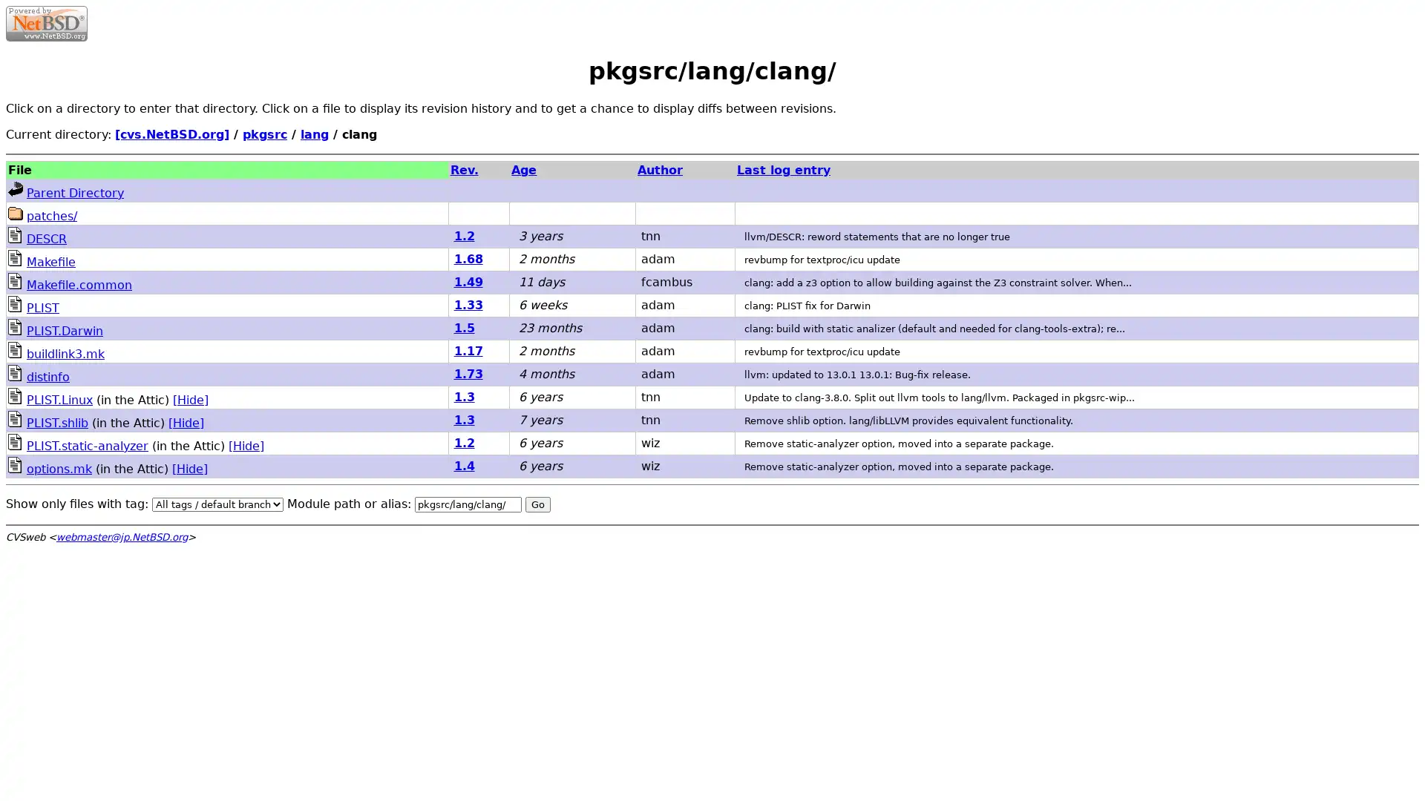  Describe the element at coordinates (537, 503) in the screenshot. I see `Go` at that location.